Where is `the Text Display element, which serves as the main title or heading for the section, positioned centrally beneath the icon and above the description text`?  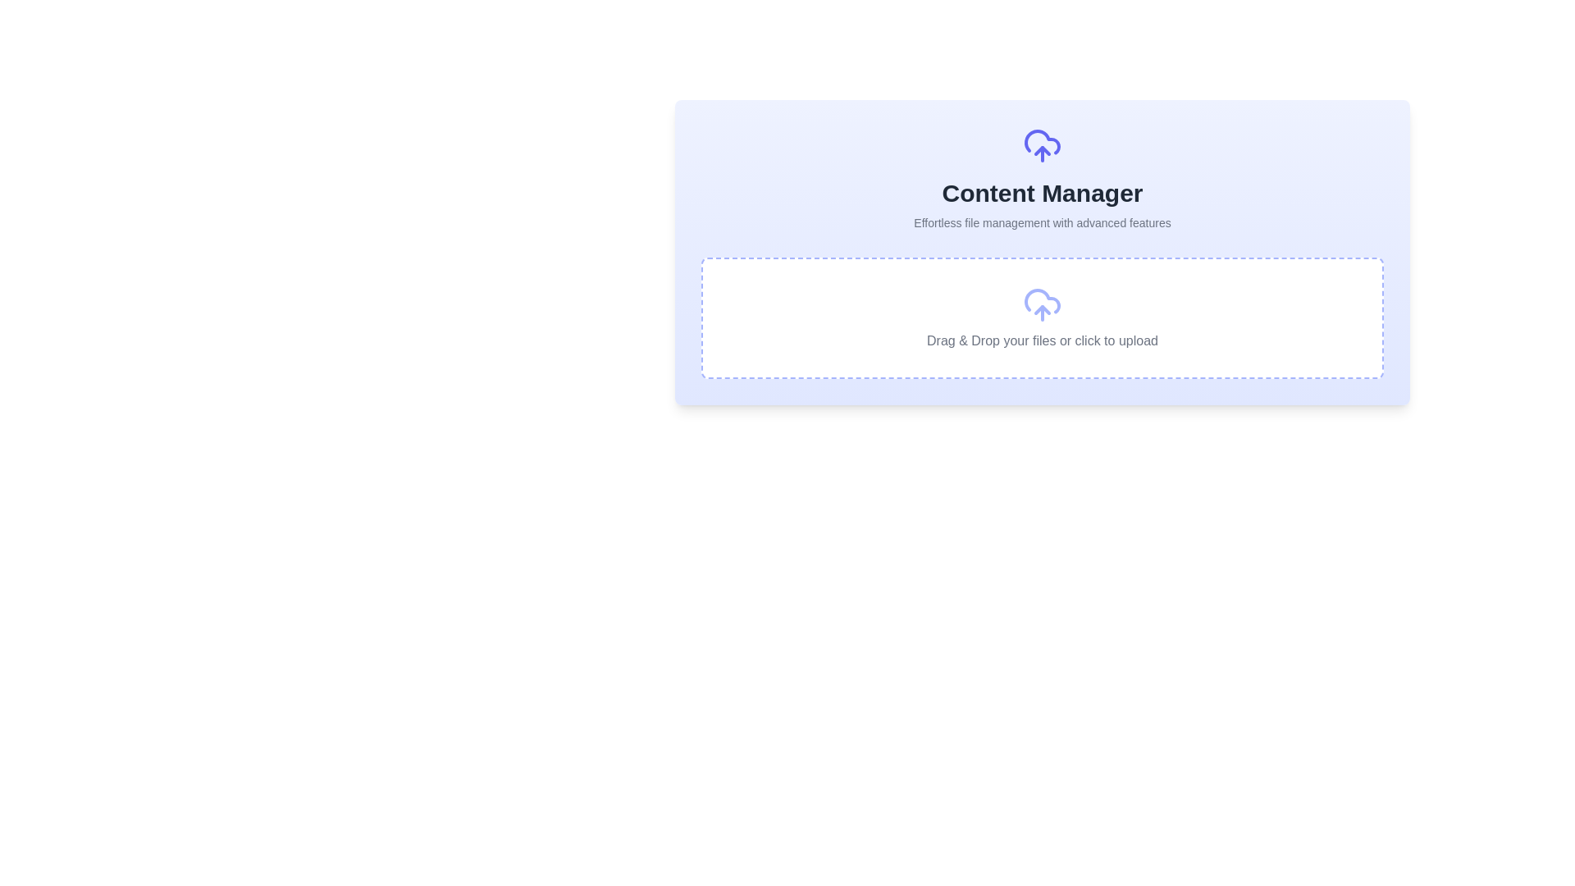 the Text Display element, which serves as the main title or heading for the section, positioned centrally beneath the icon and above the description text is located at coordinates (1042, 192).